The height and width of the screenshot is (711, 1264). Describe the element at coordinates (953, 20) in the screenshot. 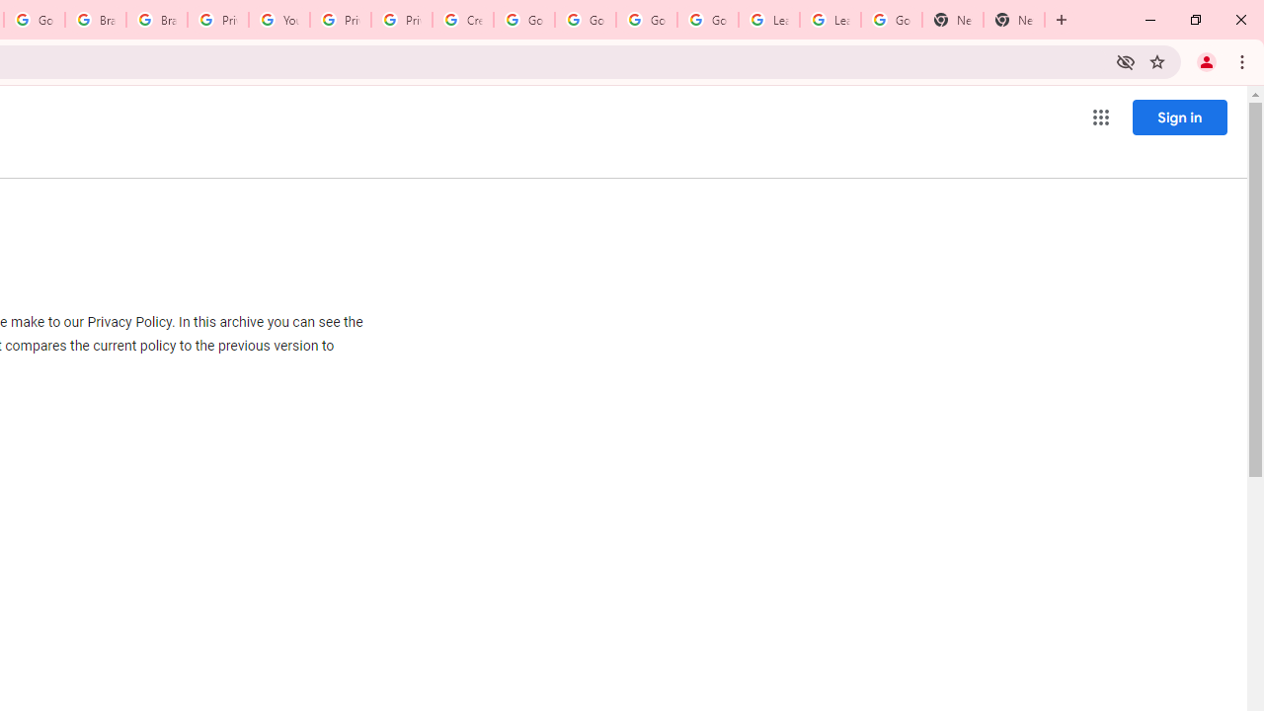

I see `'New Tab'` at that location.